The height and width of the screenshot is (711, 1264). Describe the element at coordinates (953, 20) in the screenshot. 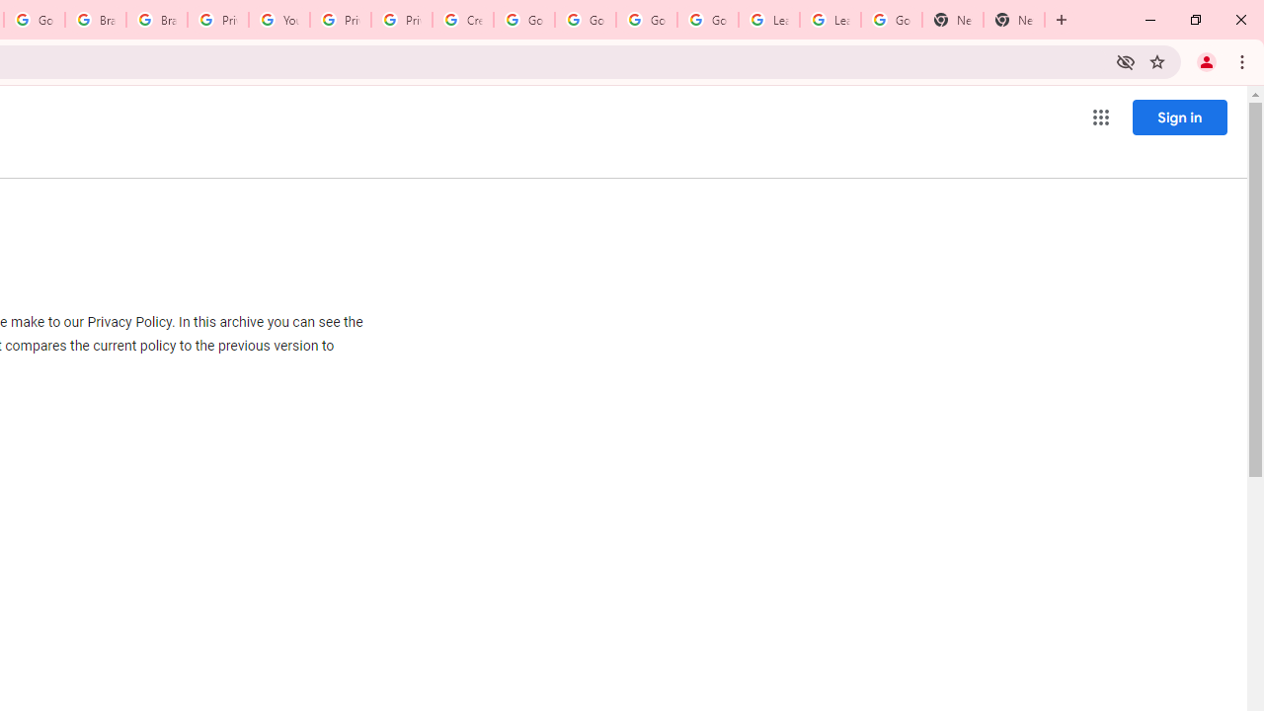

I see `'New Tab'` at that location.